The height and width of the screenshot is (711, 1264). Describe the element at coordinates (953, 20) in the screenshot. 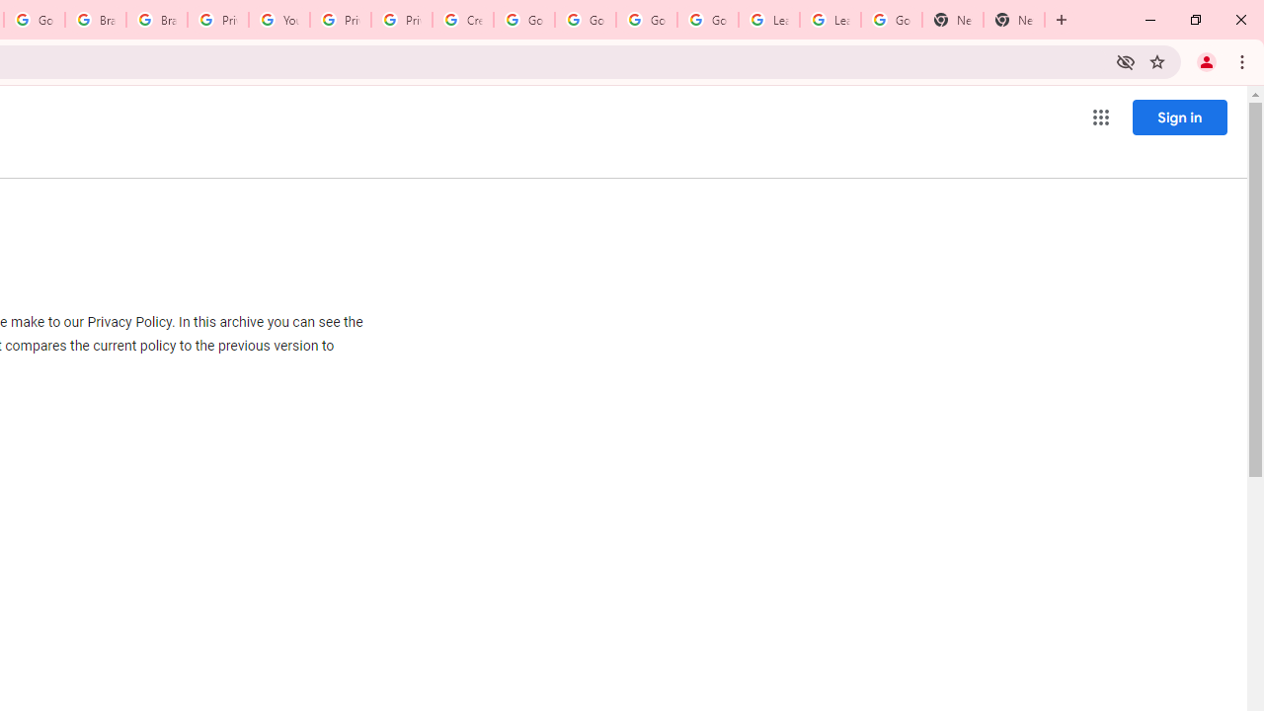

I see `'New Tab'` at that location.